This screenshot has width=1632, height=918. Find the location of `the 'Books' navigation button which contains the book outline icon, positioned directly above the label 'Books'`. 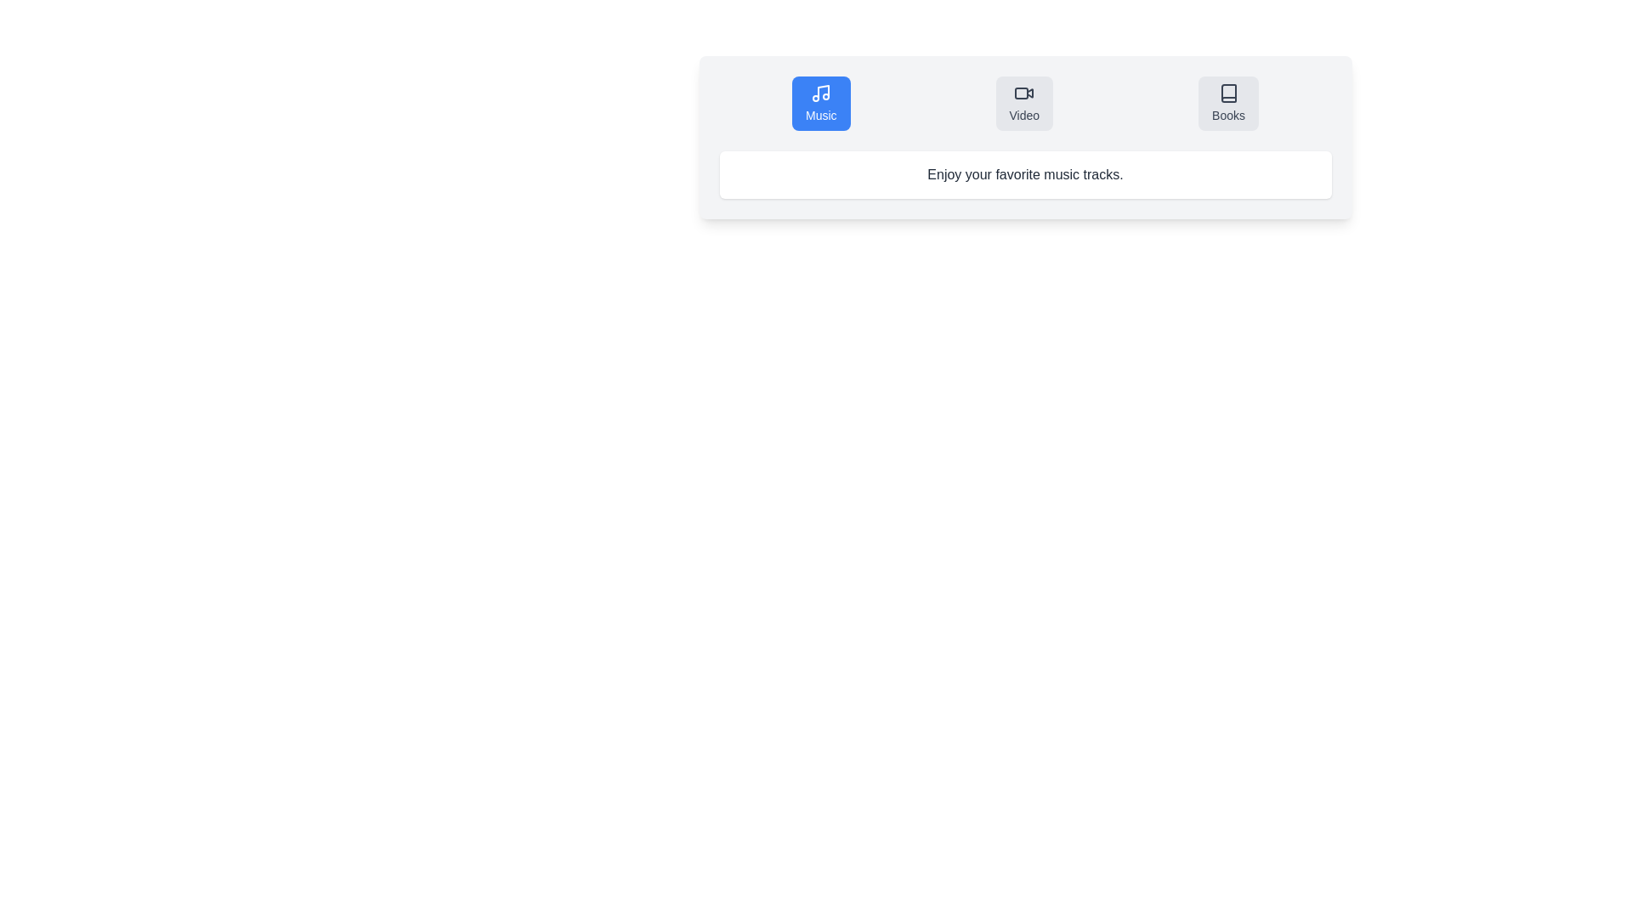

the 'Books' navigation button which contains the book outline icon, positioned directly above the label 'Books' is located at coordinates (1228, 93).